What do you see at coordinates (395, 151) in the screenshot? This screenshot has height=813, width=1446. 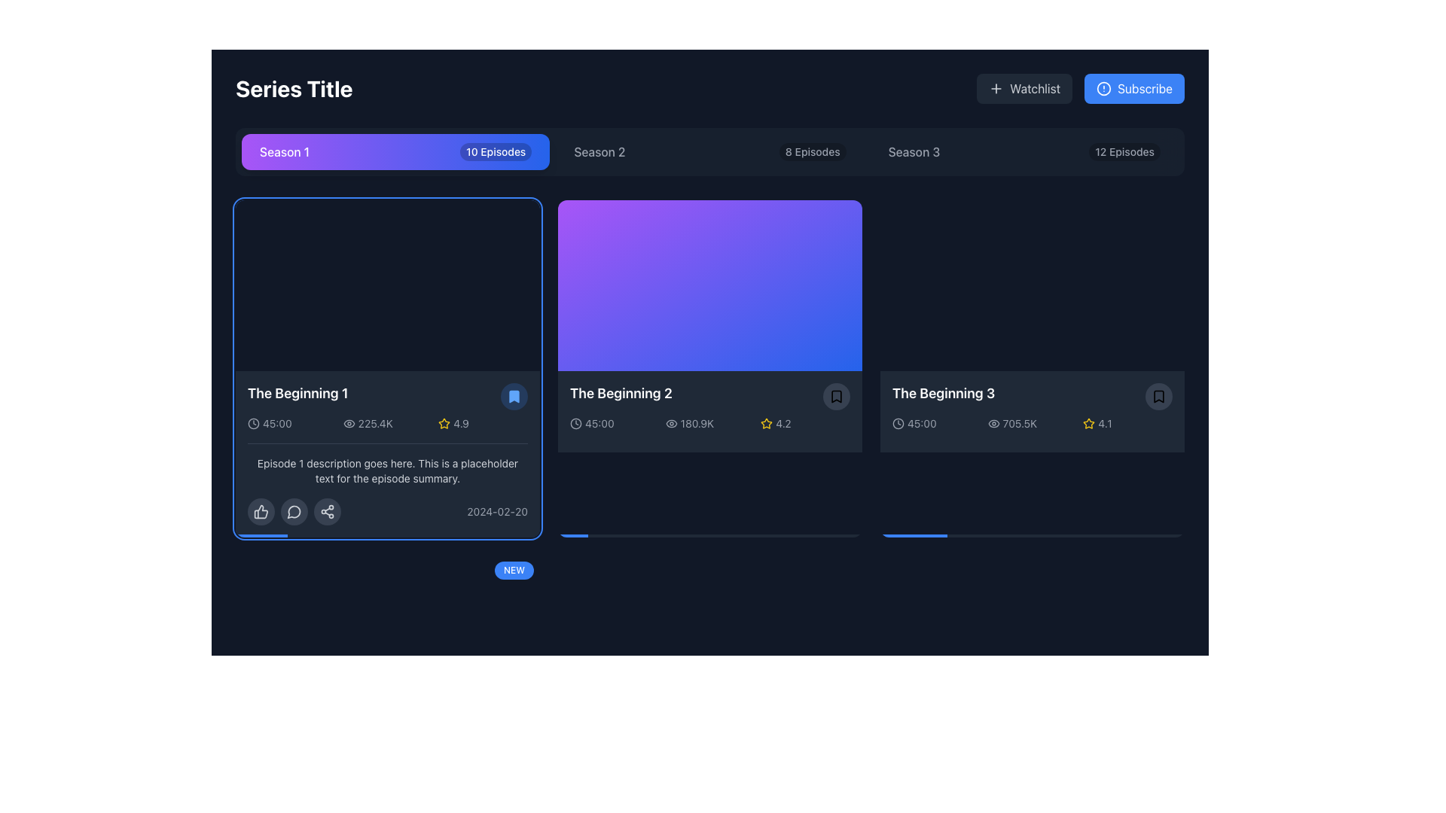 I see `the 'Season 1' button, which is a rounded rectangle with a gradient background from purple to blue, displaying 'Season 1' and '10 Episodes'` at bounding box center [395, 151].